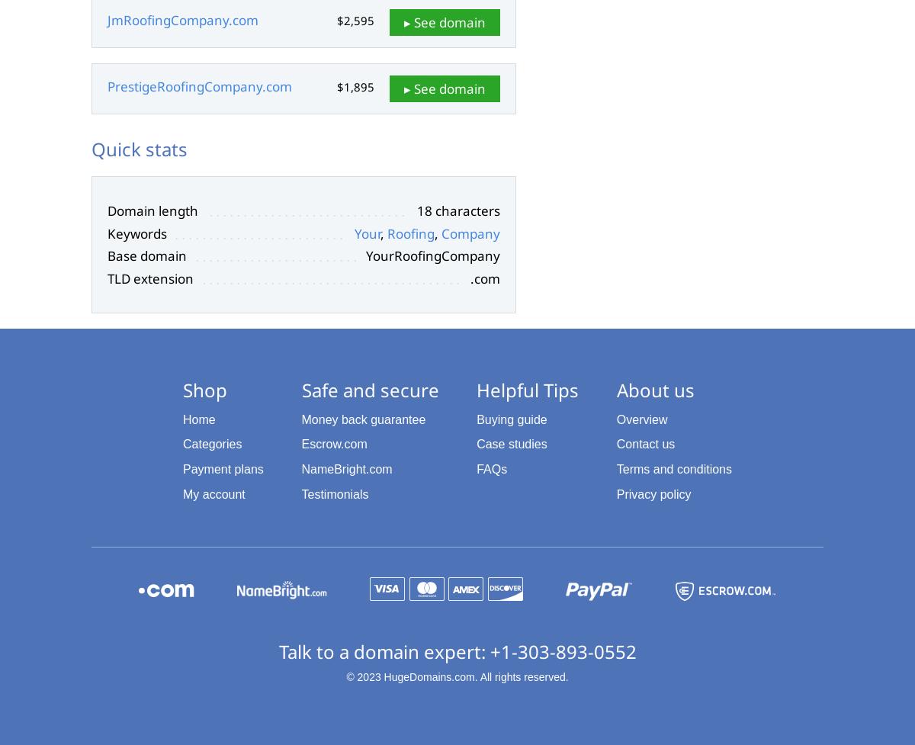 The image size is (915, 745). I want to click on 'FAQs', so click(476, 468).